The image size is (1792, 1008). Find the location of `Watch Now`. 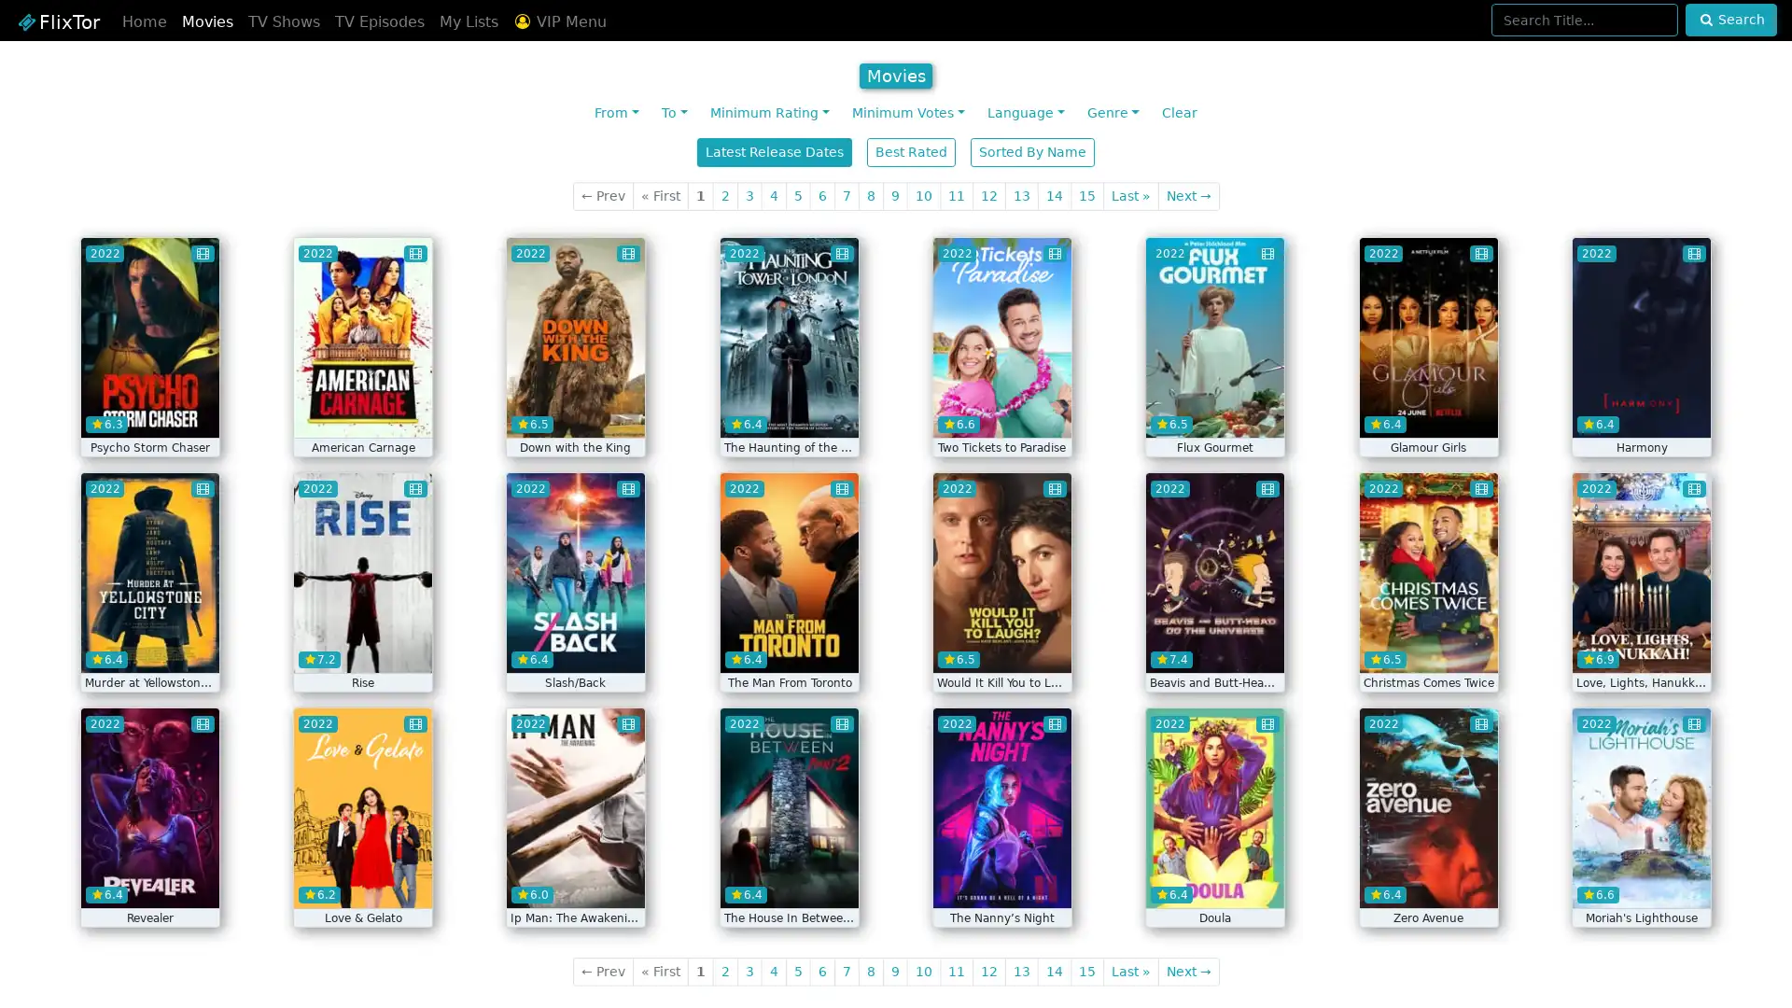

Watch Now is located at coordinates (575, 409).